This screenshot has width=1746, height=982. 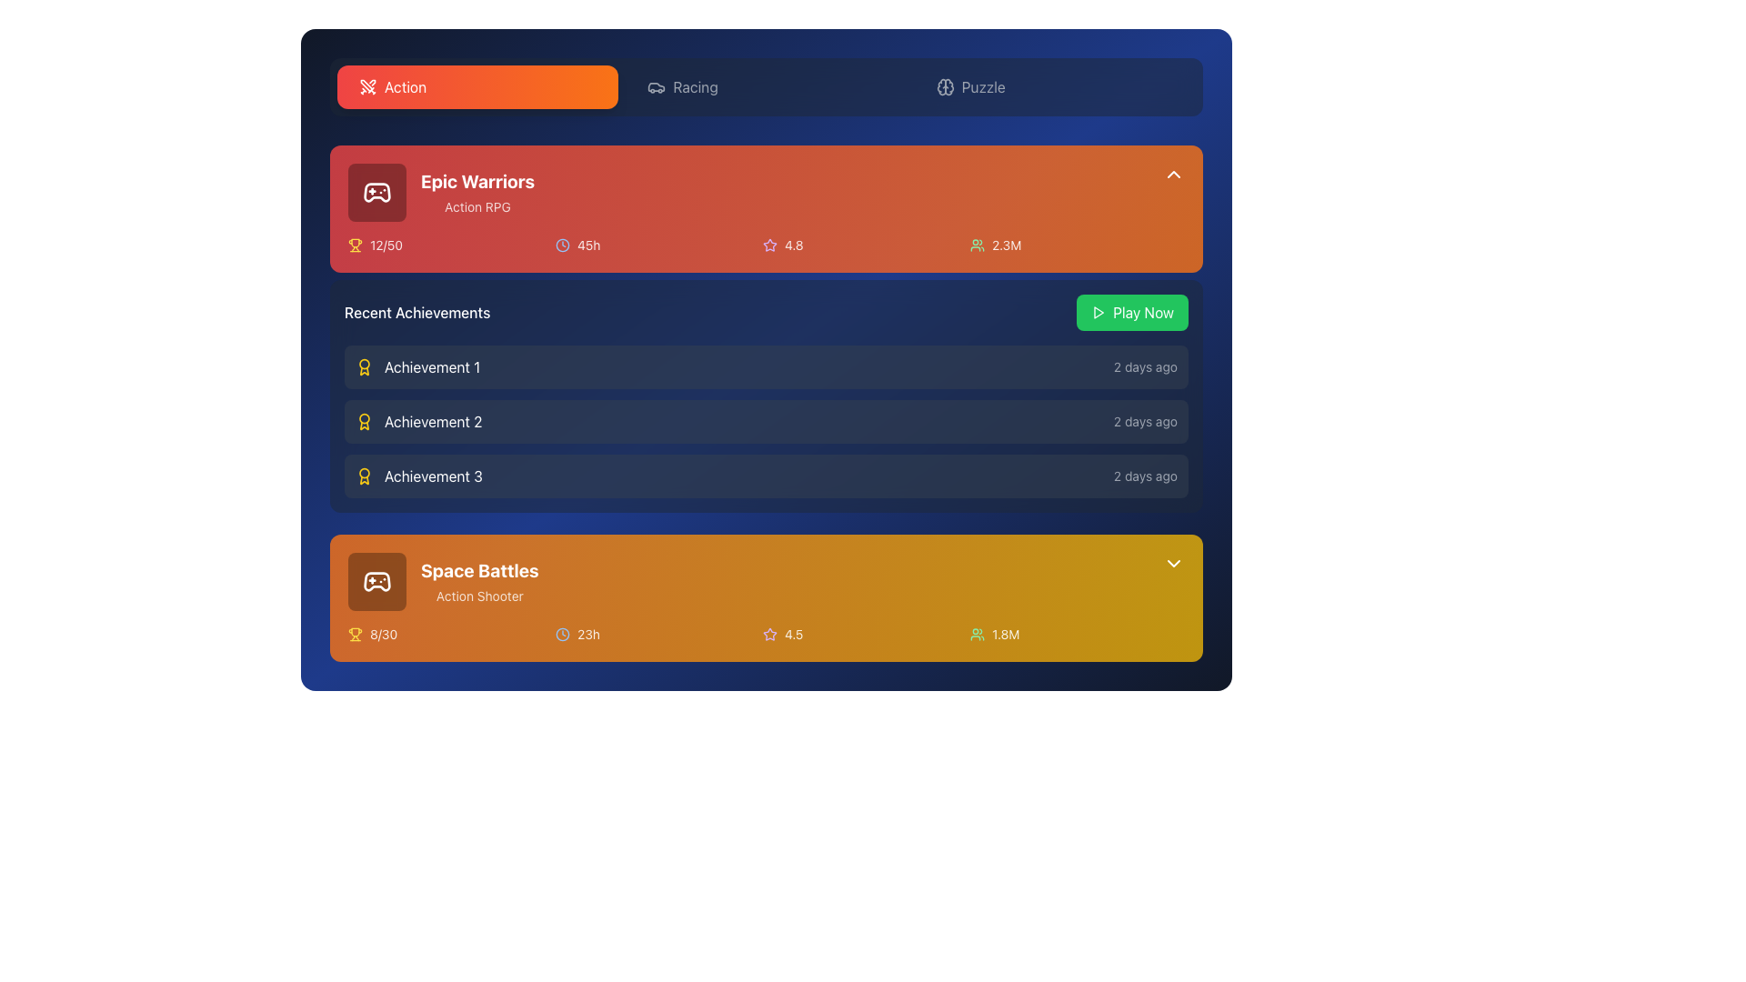 I want to click on the non-interactable gaming icon located within the red card header labeled 'Epic Warriors' on the left side, so click(x=376, y=193).